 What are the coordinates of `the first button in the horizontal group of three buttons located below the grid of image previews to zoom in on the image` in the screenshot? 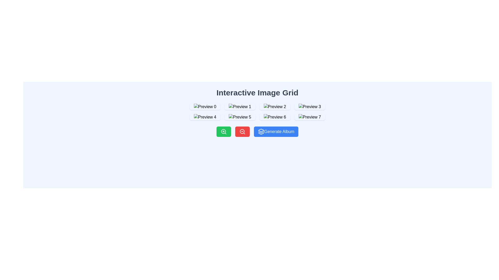 It's located at (224, 131).